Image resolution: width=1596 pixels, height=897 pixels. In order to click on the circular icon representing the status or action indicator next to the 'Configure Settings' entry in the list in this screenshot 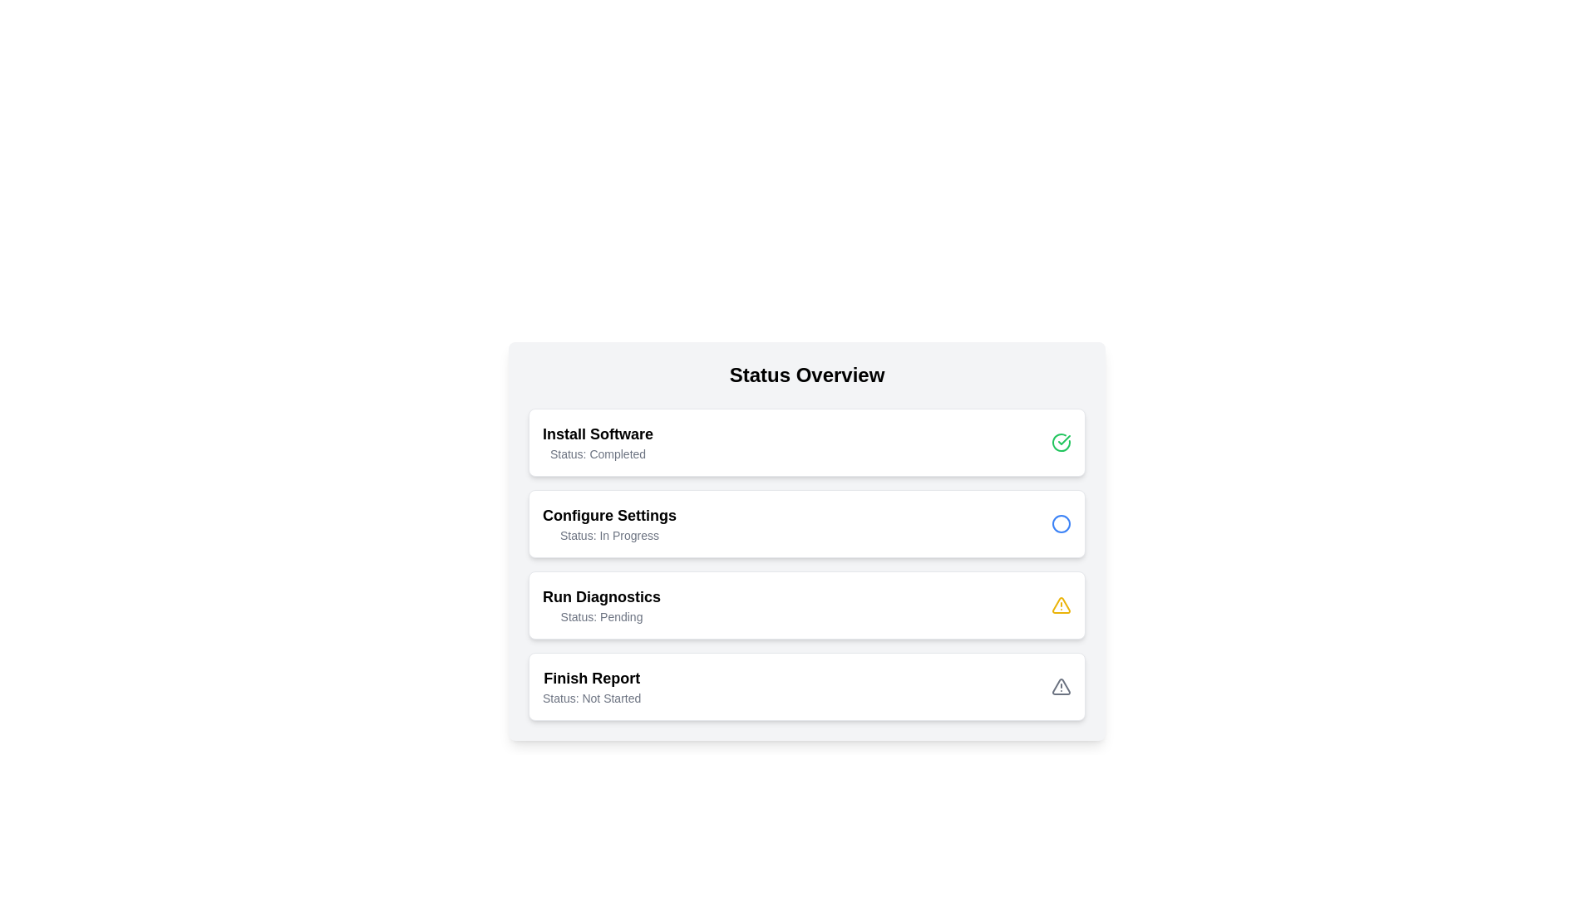, I will do `click(1060, 524)`.